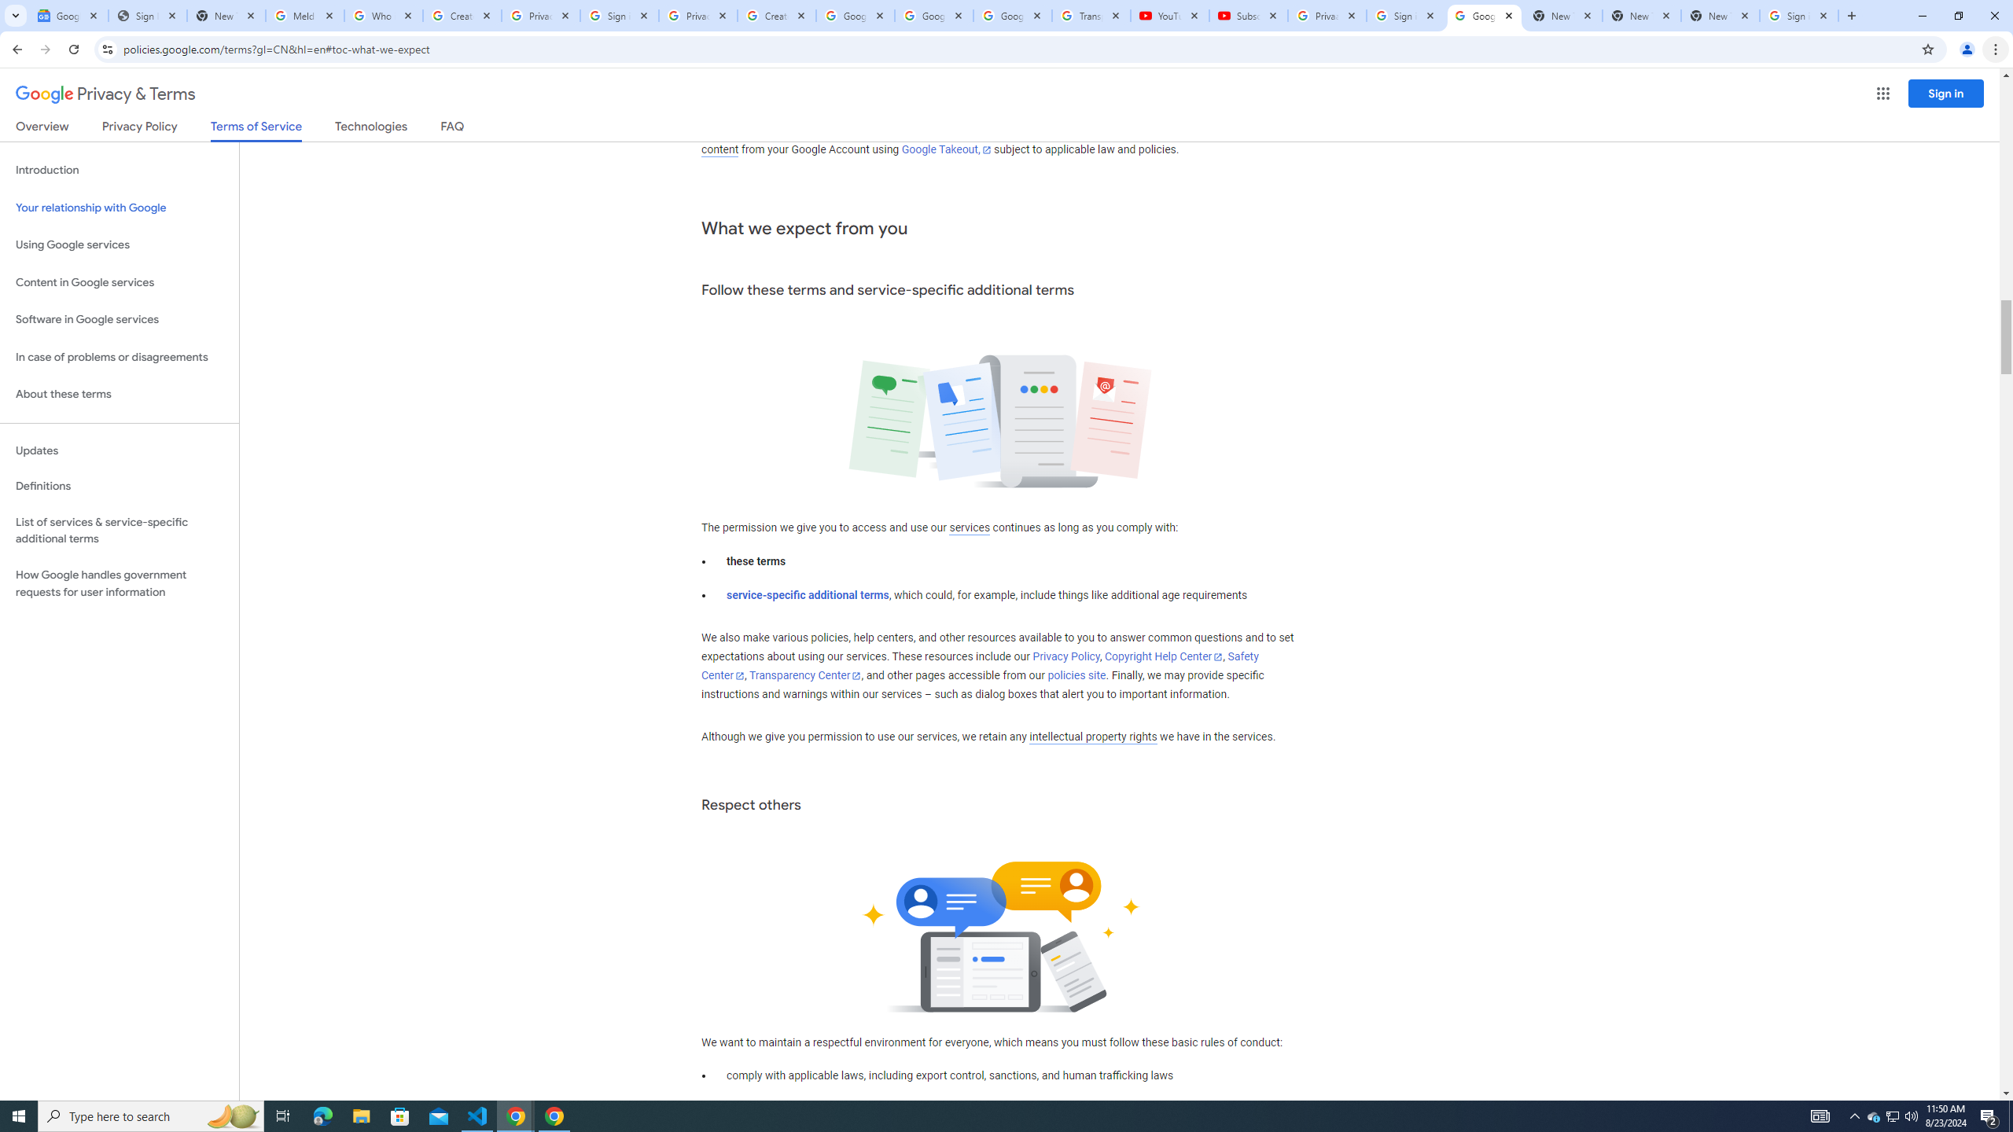 This screenshot has width=2013, height=1132. I want to click on 'Subscriptions - YouTube', so click(1247, 15).